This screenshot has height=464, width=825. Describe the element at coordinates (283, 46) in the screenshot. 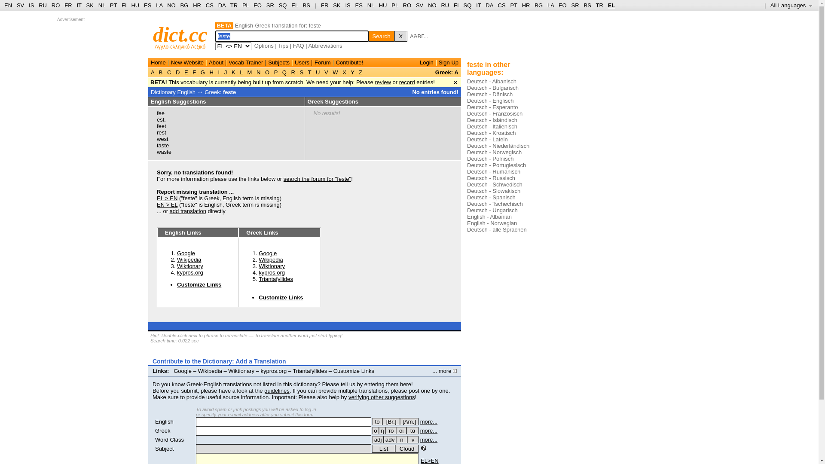

I see `'Tips'` at that location.